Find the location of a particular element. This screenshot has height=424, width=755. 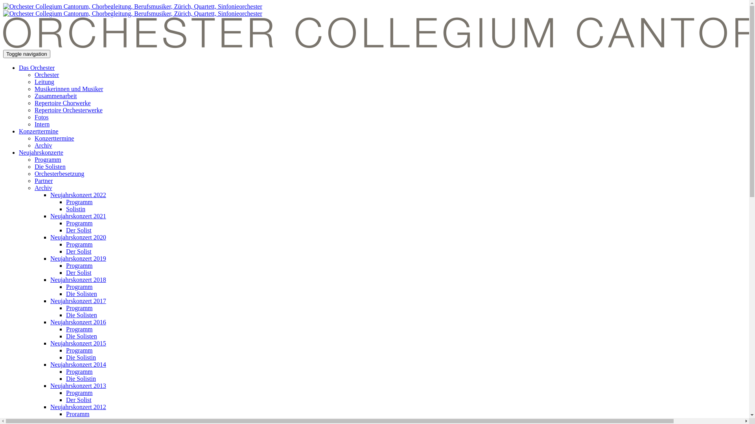

'Solistin' is located at coordinates (66, 208).